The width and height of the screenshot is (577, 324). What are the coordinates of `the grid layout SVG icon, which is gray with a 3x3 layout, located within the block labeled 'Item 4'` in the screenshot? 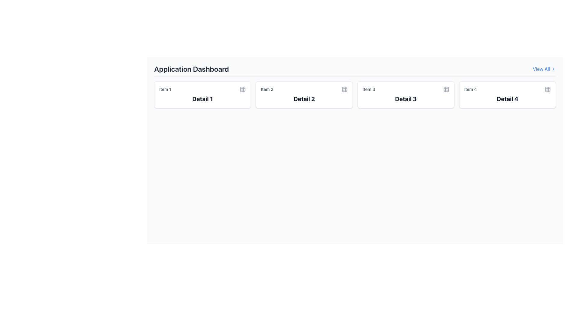 It's located at (548, 89).